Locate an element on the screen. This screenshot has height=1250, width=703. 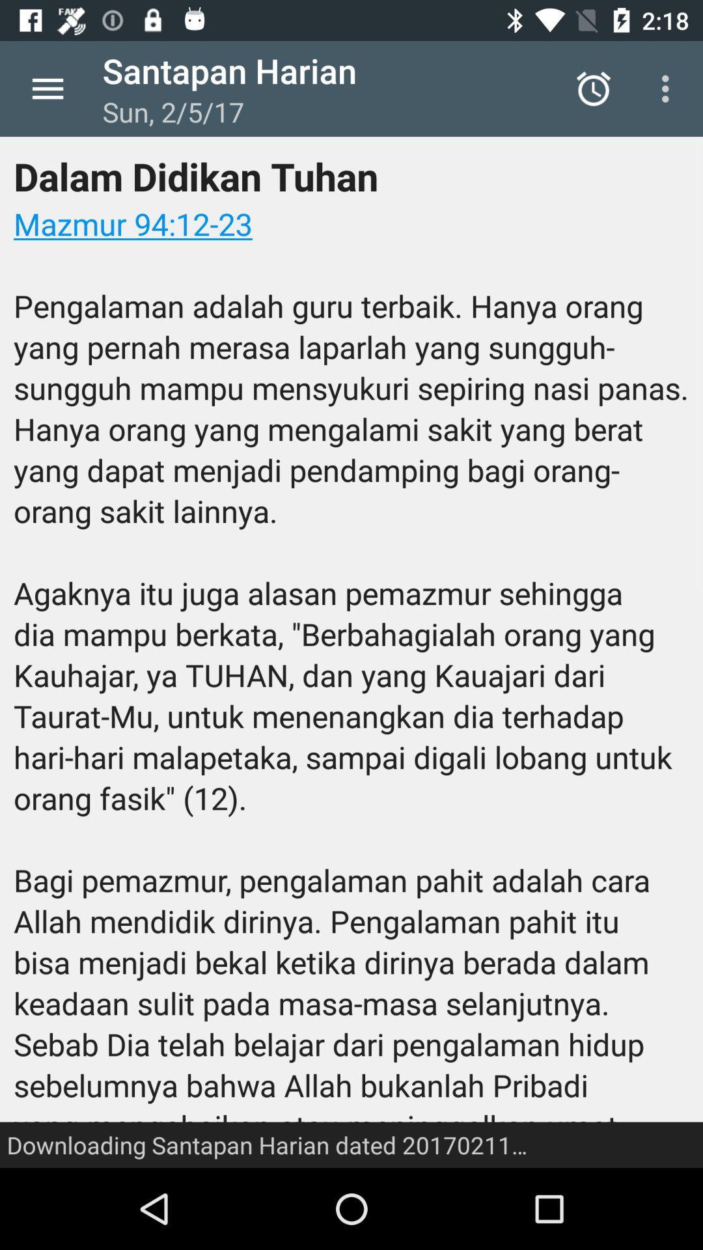
the dalam didikan tuhan is located at coordinates (351, 652).